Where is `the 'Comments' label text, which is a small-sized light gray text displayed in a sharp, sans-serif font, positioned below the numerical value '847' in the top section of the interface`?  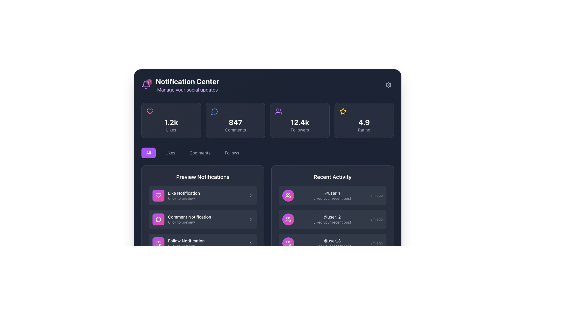
the 'Comments' label text, which is a small-sized light gray text displayed in a sharp, sans-serif font, positioned below the numerical value '847' in the top section of the interface is located at coordinates (235, 129).